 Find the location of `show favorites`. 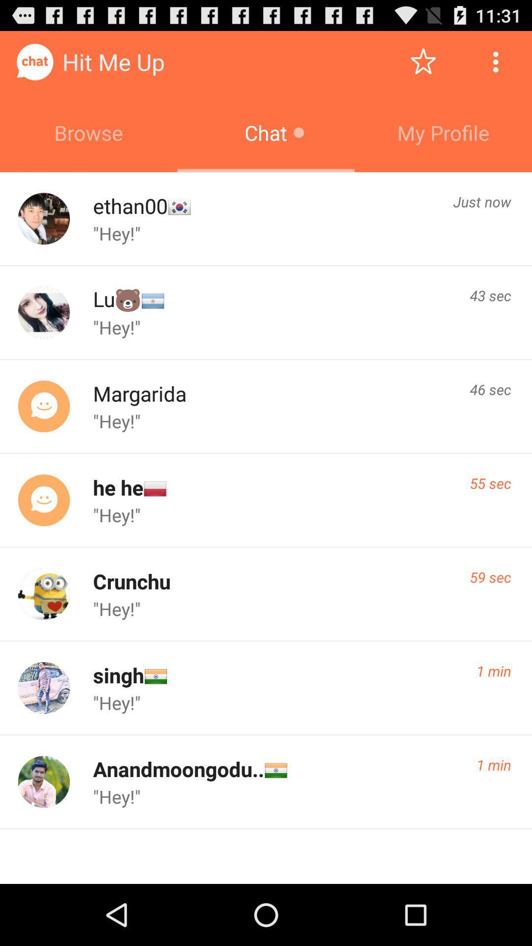

show favorites is located at coordinates (423, 61).